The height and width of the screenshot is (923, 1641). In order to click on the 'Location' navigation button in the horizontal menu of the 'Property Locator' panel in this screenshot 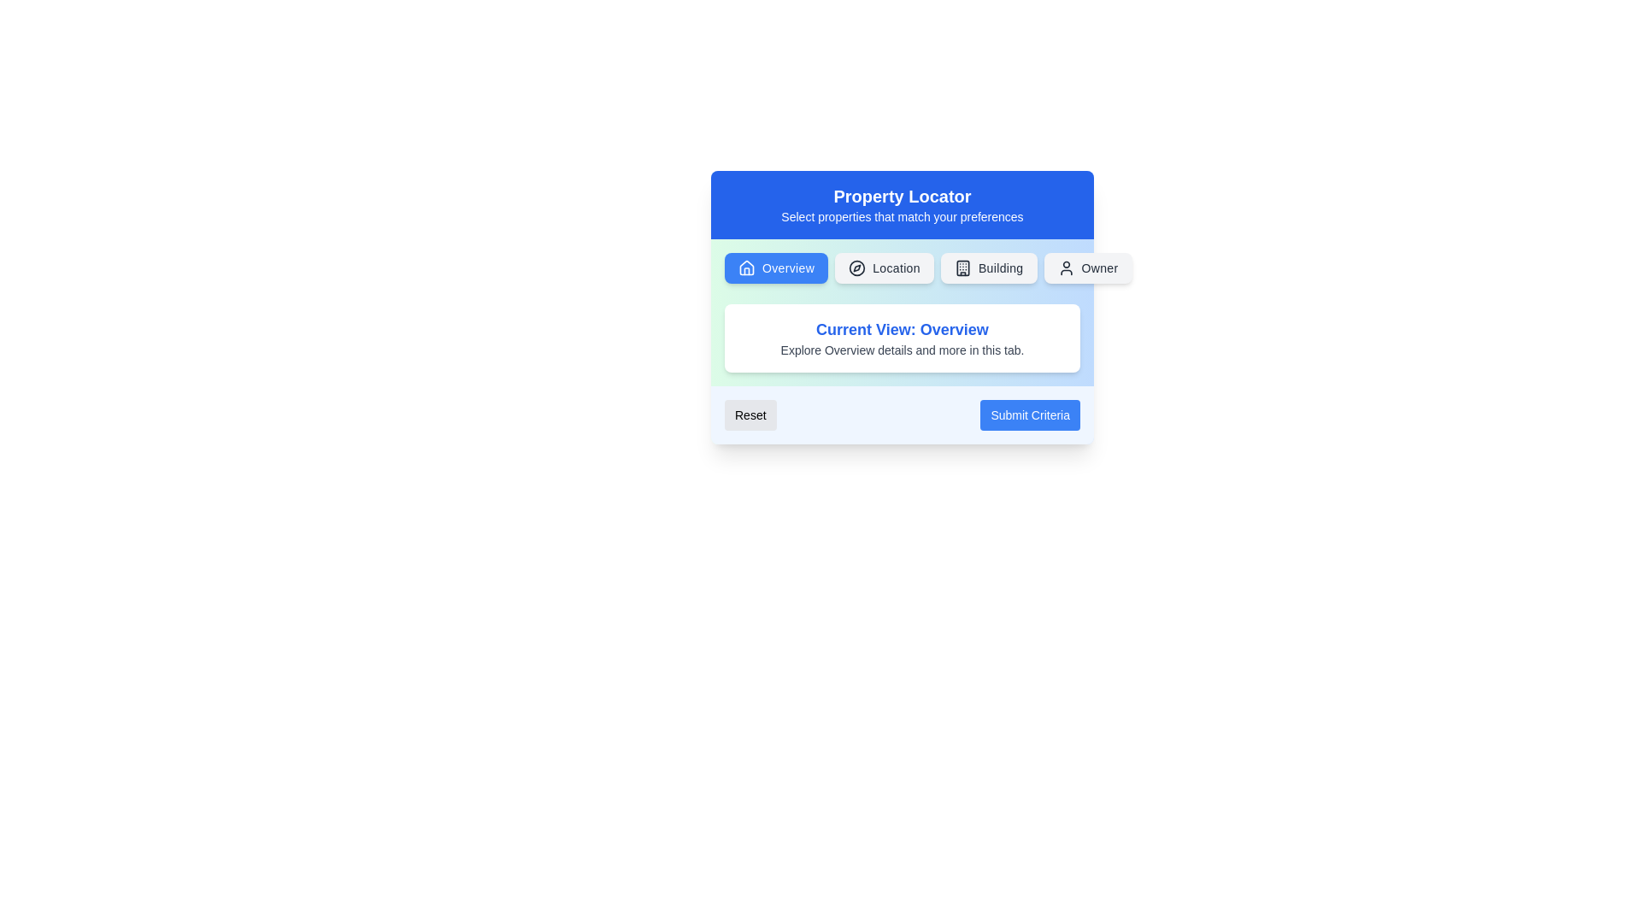, I will do `click(896, 267)`.